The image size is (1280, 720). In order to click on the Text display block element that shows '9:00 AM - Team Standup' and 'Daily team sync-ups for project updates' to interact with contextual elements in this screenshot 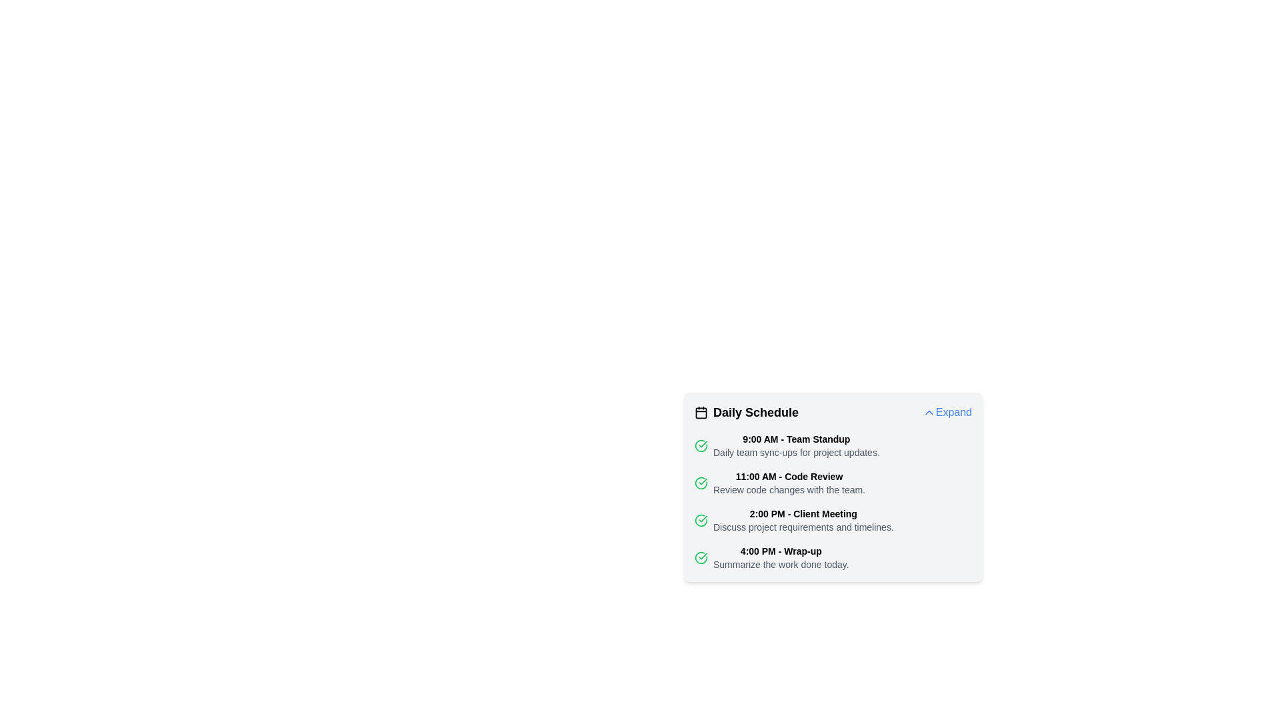, I will do `click(796, 445)`.